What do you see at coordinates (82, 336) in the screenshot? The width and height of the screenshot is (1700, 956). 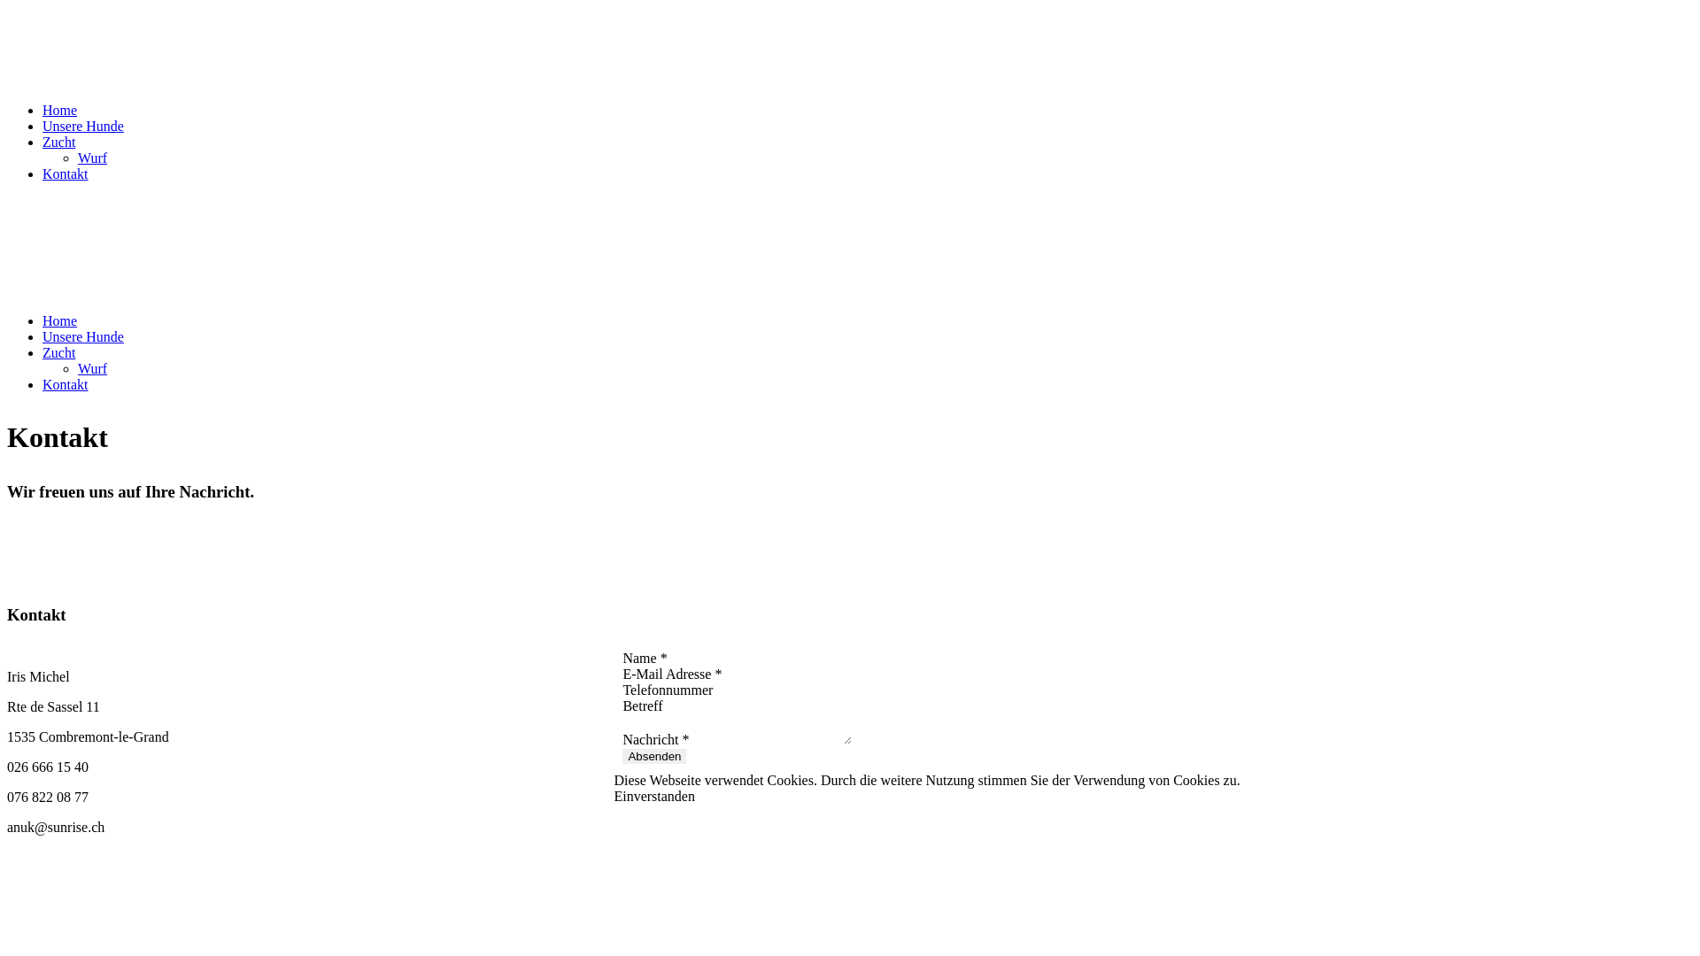 I see `'Unsere Hunde'` at bounding box center [82, 336].